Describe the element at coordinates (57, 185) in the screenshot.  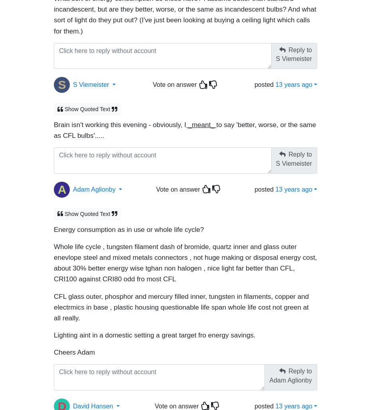
I see `'A'` at that location.